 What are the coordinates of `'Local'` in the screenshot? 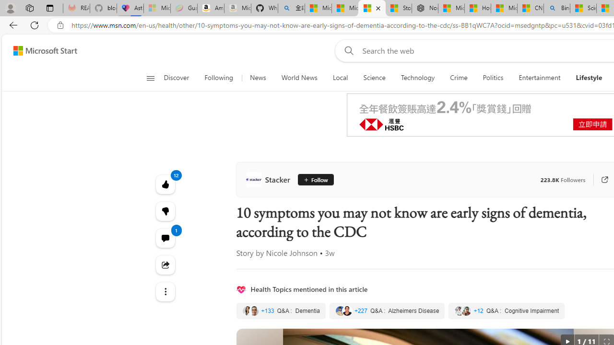 It's located at (340, 78).